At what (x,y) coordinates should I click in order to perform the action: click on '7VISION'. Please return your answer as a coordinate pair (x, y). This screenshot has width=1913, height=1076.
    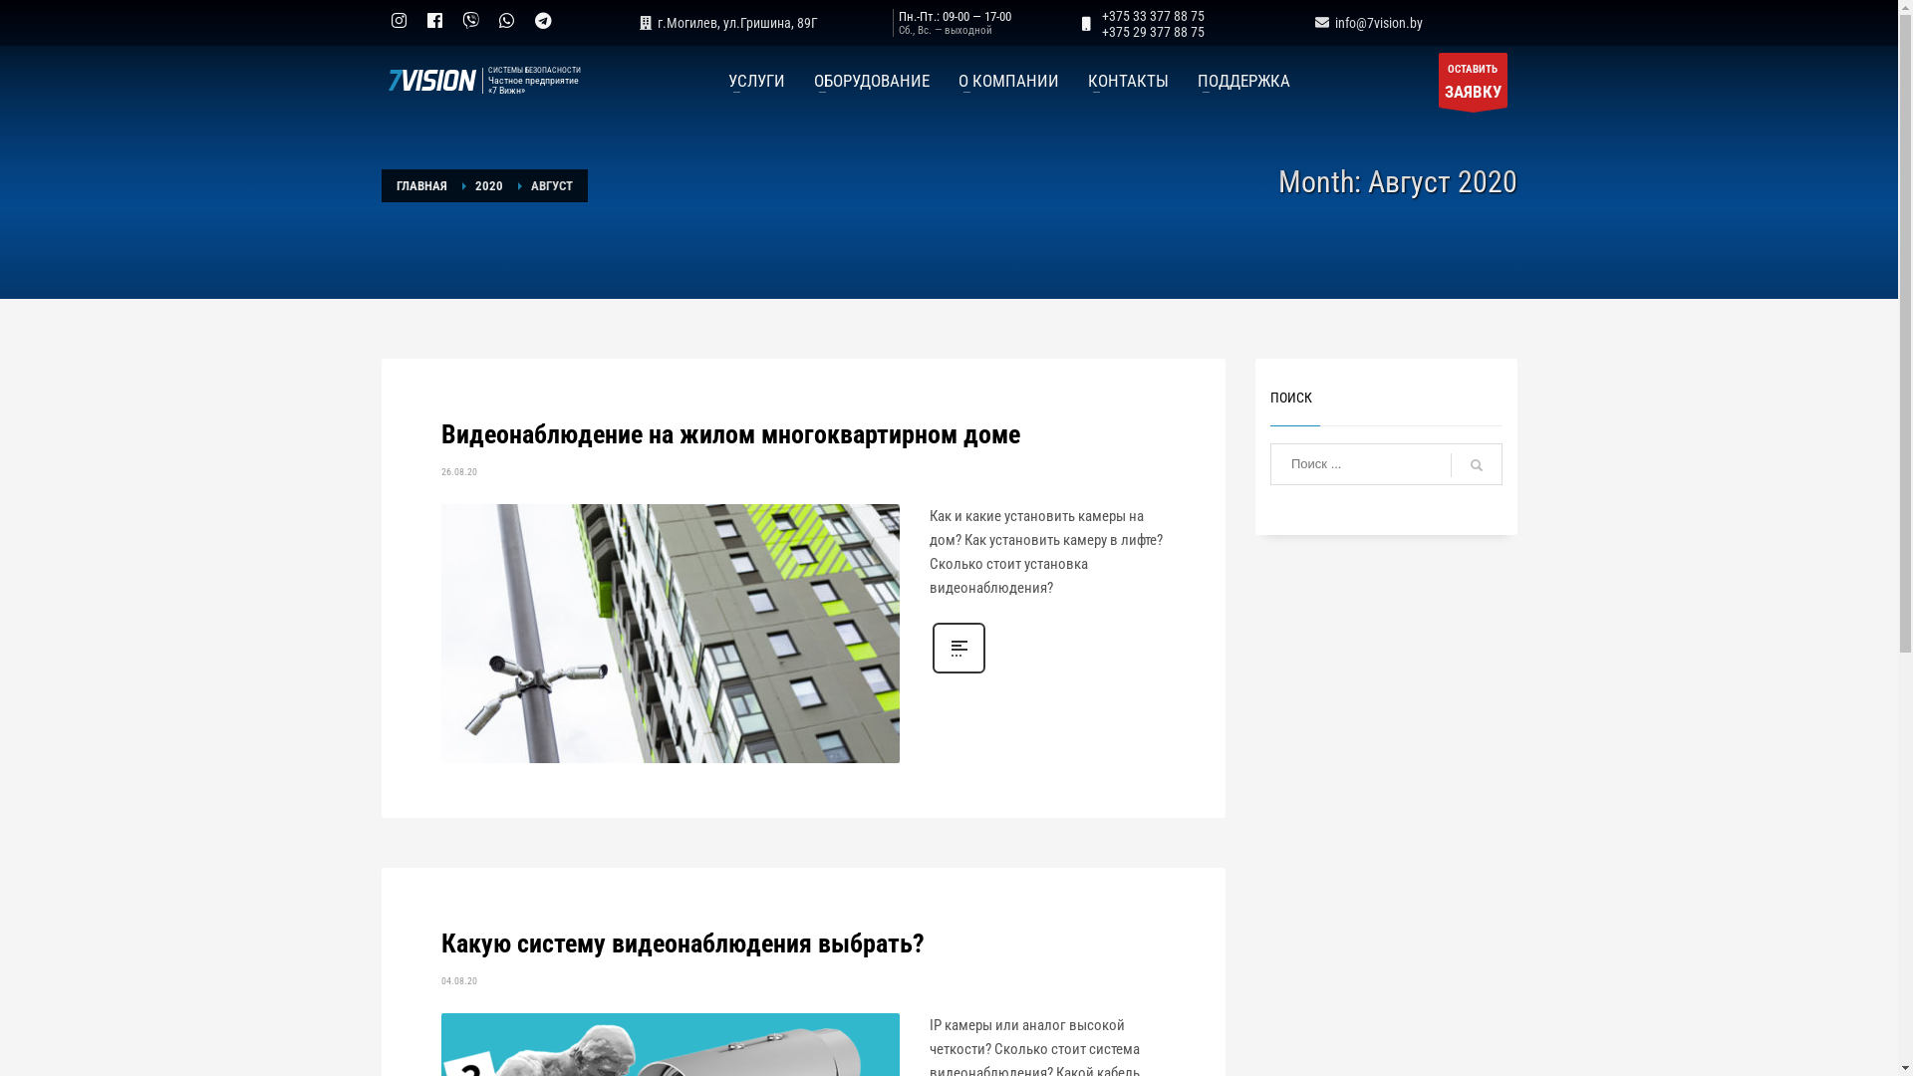
    Looking at the image, I should click on (427, 80).